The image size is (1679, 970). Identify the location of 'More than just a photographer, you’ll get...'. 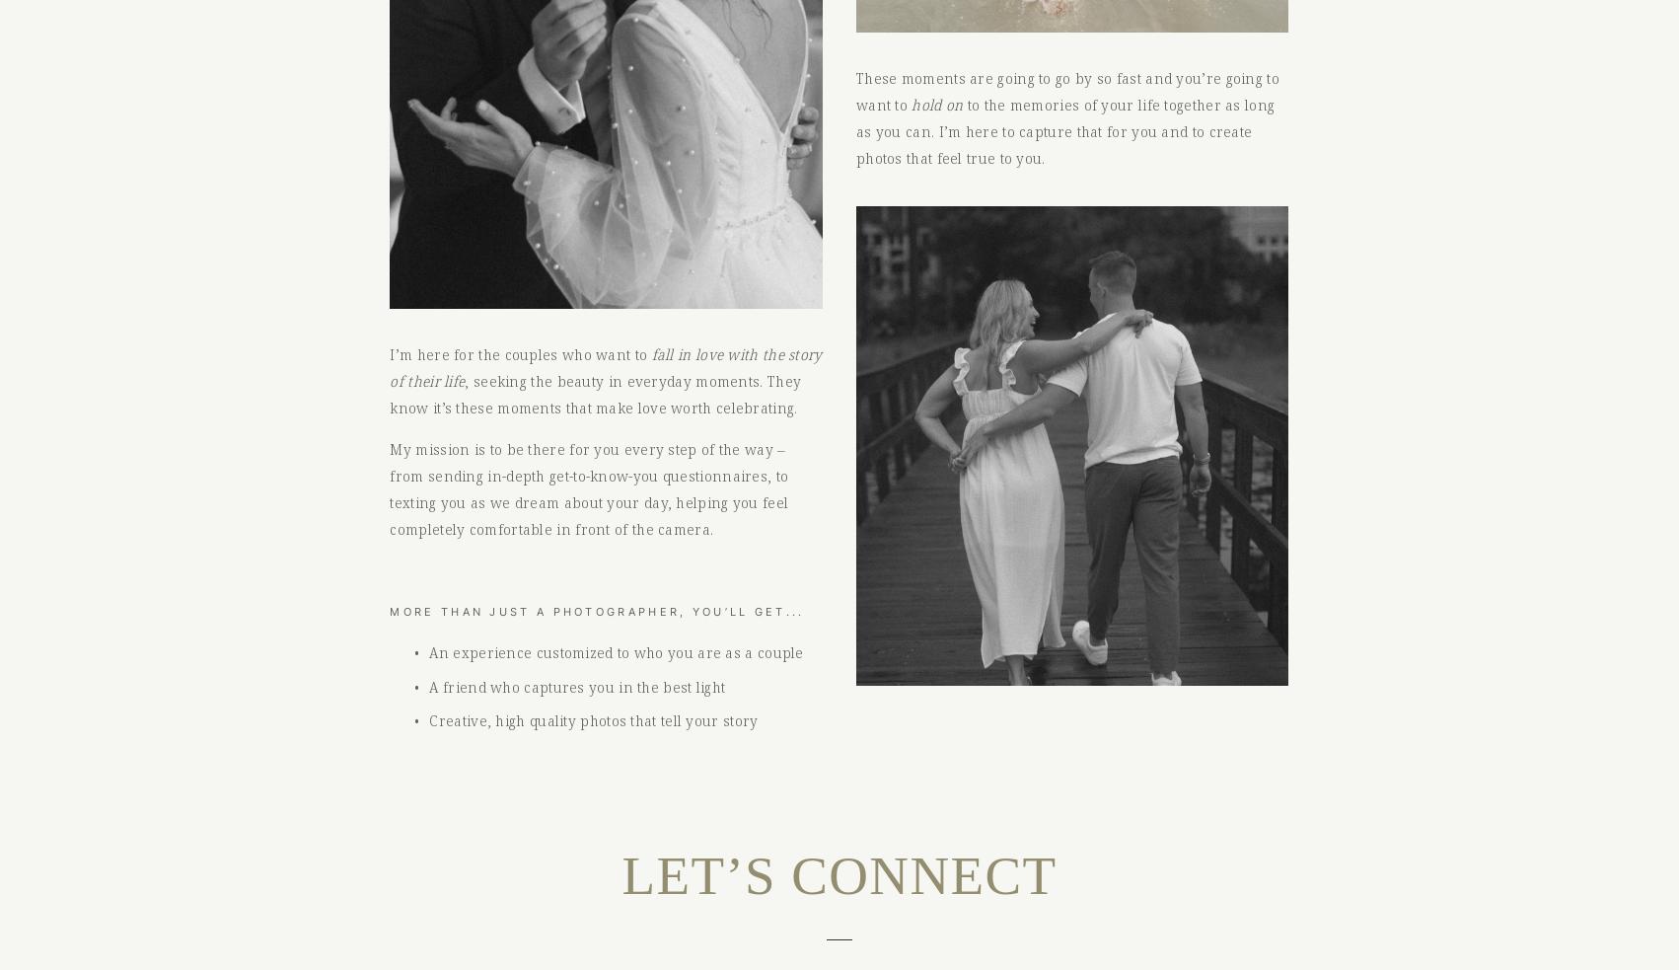
(597, 611).